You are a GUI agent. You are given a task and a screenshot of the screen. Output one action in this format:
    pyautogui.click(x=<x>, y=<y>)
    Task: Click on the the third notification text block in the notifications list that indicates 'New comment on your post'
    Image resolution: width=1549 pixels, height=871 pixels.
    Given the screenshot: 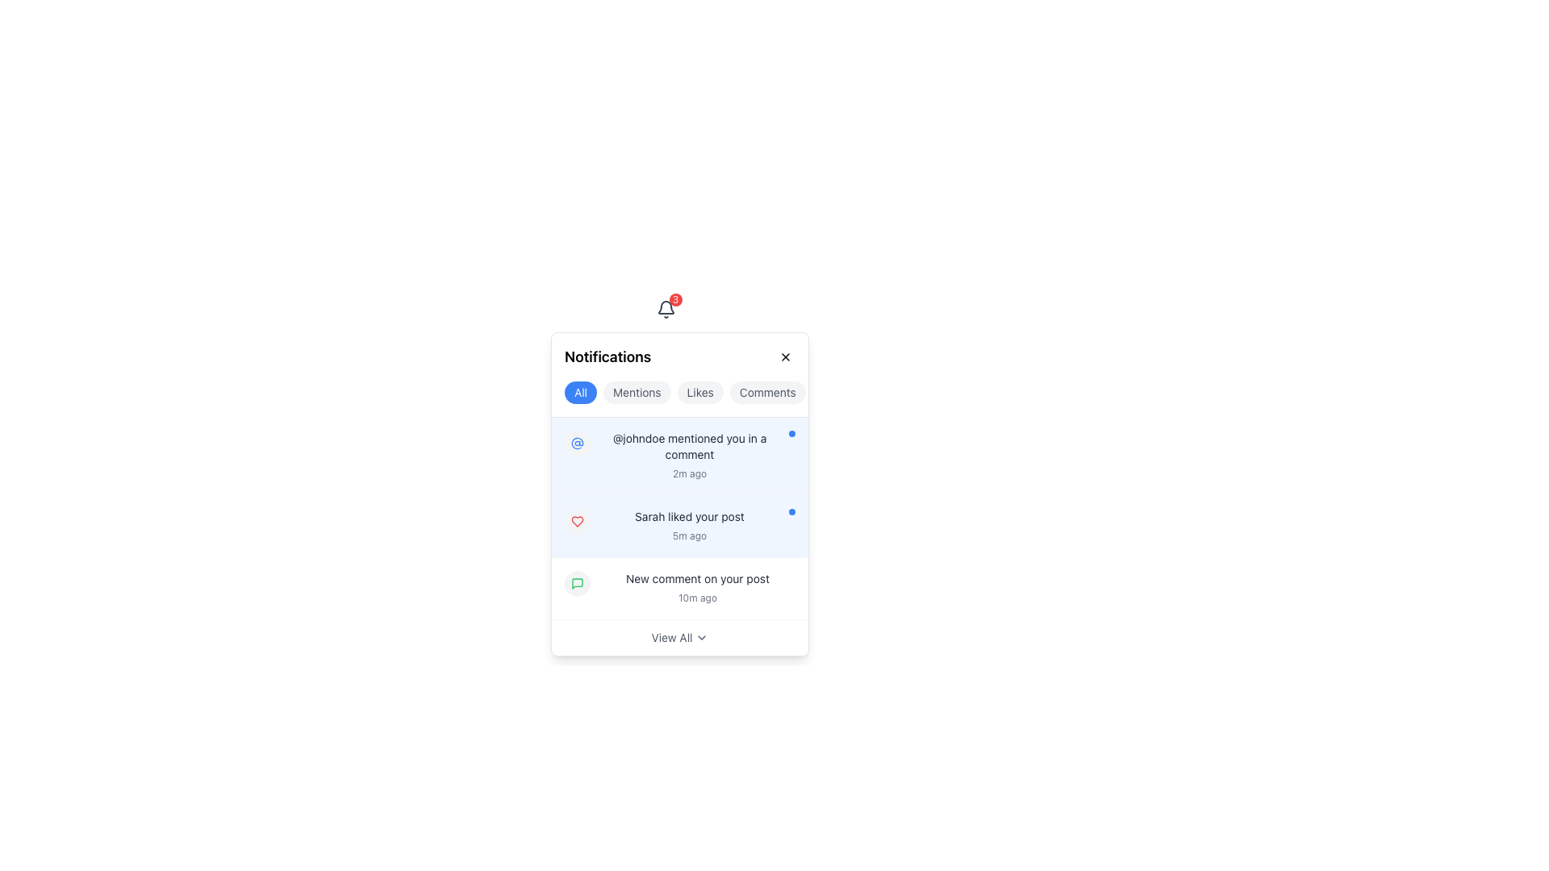 What is the action you would take?
    pyautogui.click(x=697, y=588)
    